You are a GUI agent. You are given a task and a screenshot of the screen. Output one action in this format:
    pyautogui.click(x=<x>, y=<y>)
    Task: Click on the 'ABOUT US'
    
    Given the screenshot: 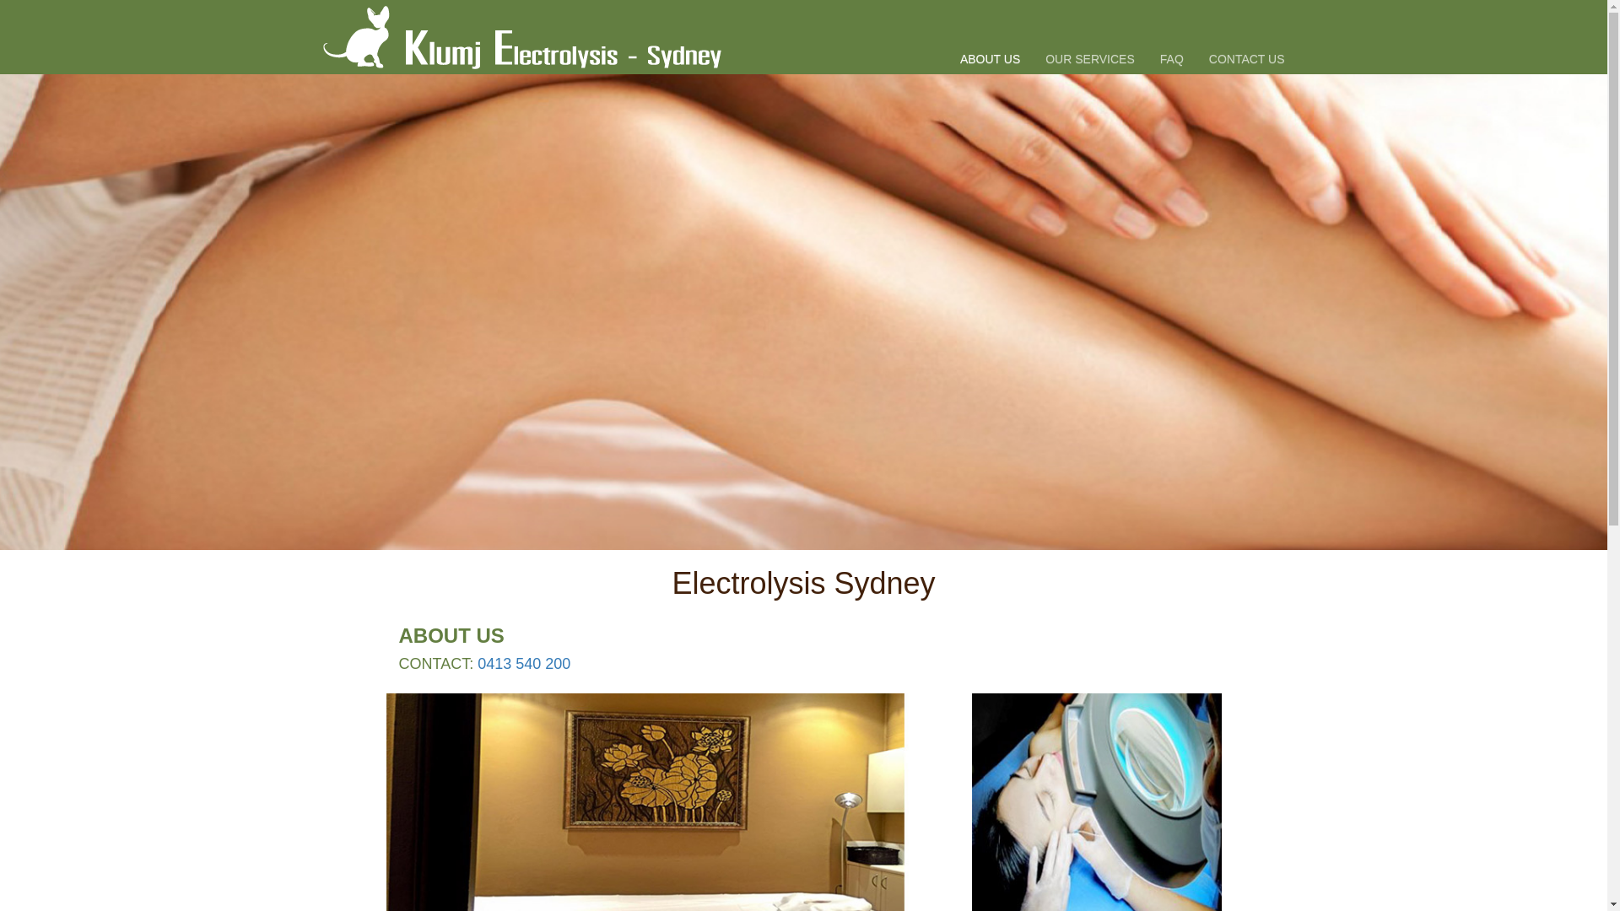 What is the action you would take?
    pyautogui.click(x=990, y=36)
    